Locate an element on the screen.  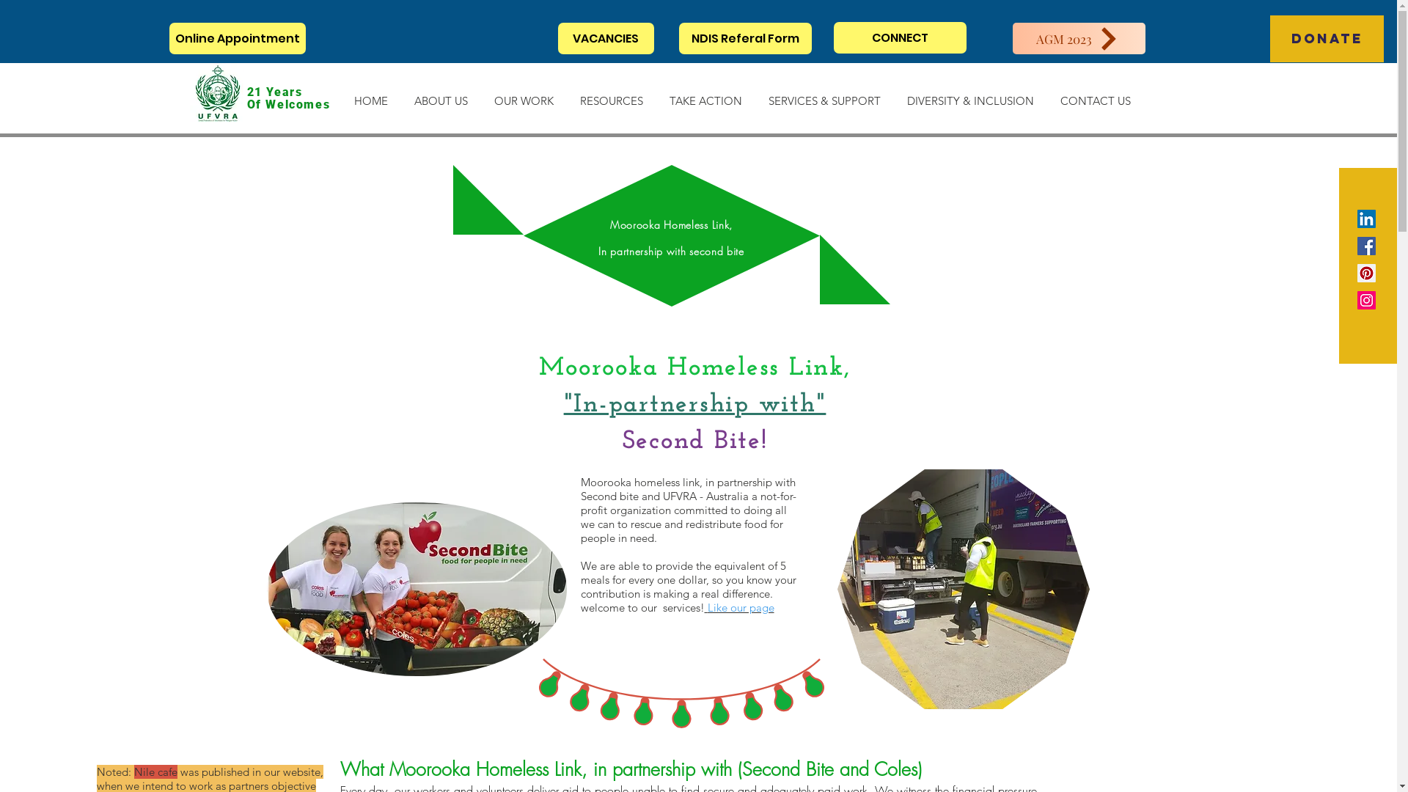
'RESOURCES' is located at coordinates (611, 94).